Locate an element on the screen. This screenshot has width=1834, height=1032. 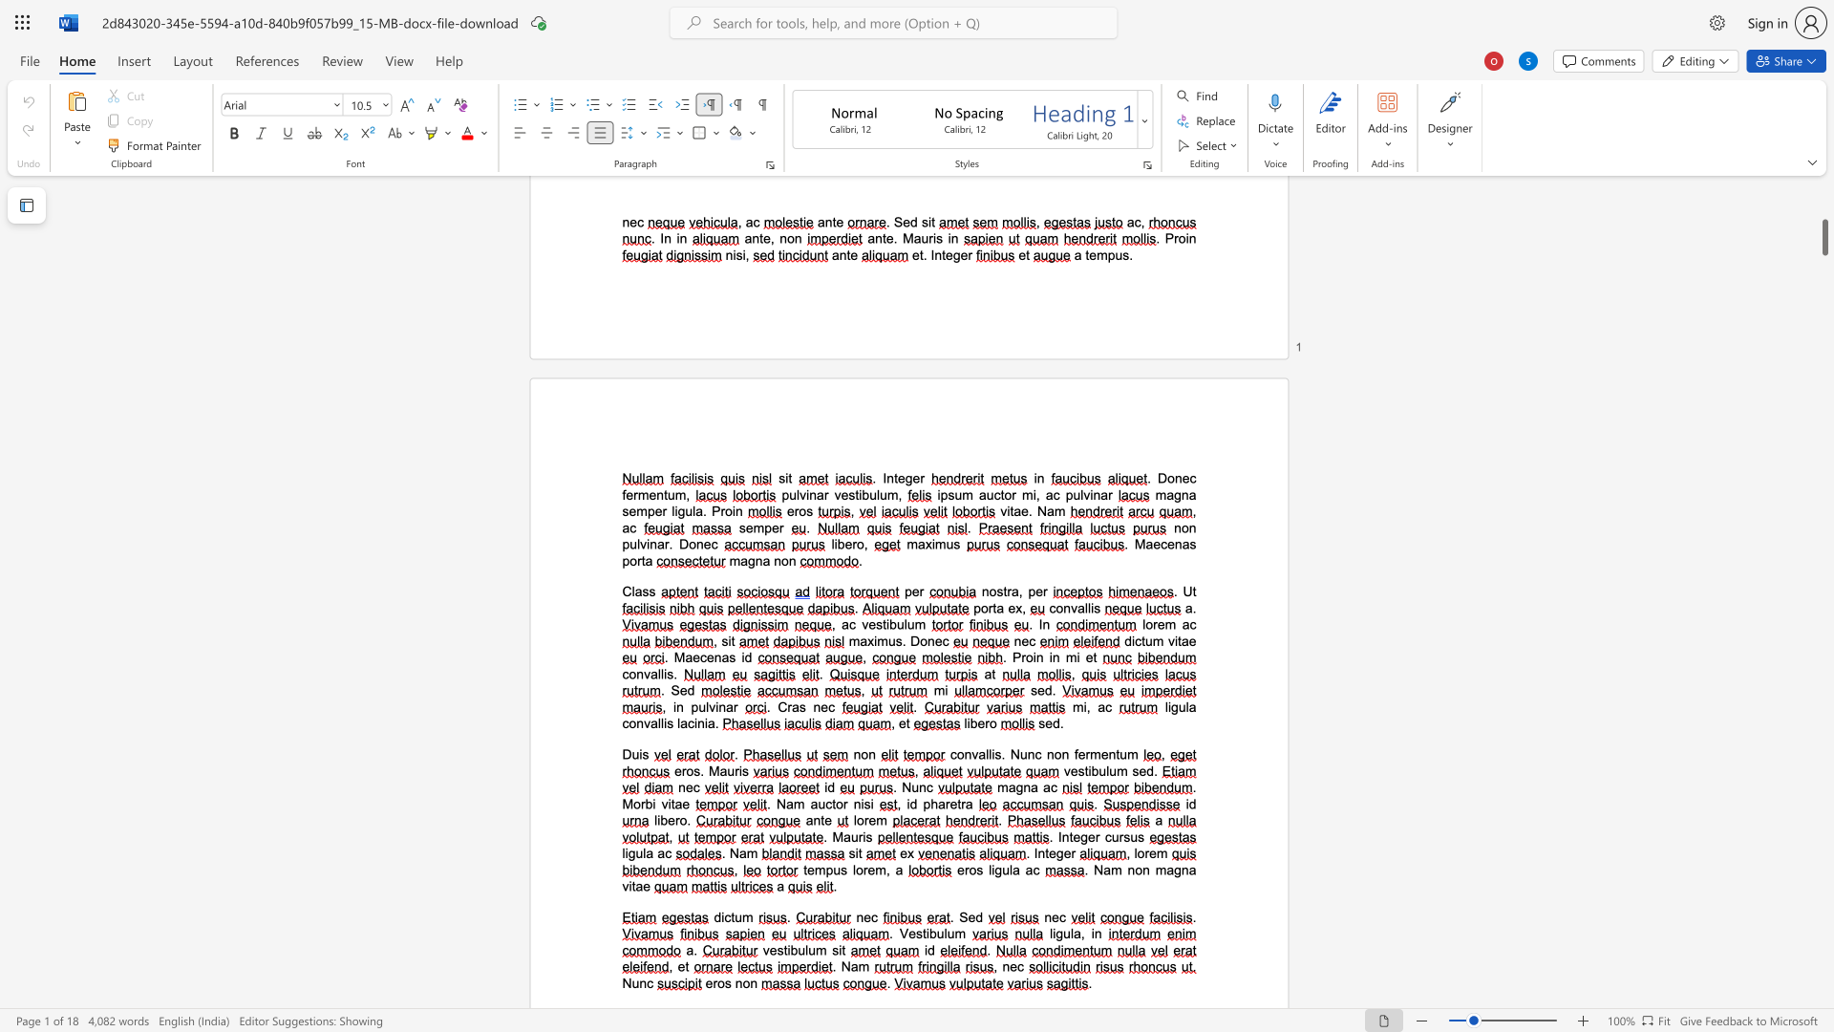
the space between the continuous character "v" and "a" in the text is located at coordinates (978, 753).